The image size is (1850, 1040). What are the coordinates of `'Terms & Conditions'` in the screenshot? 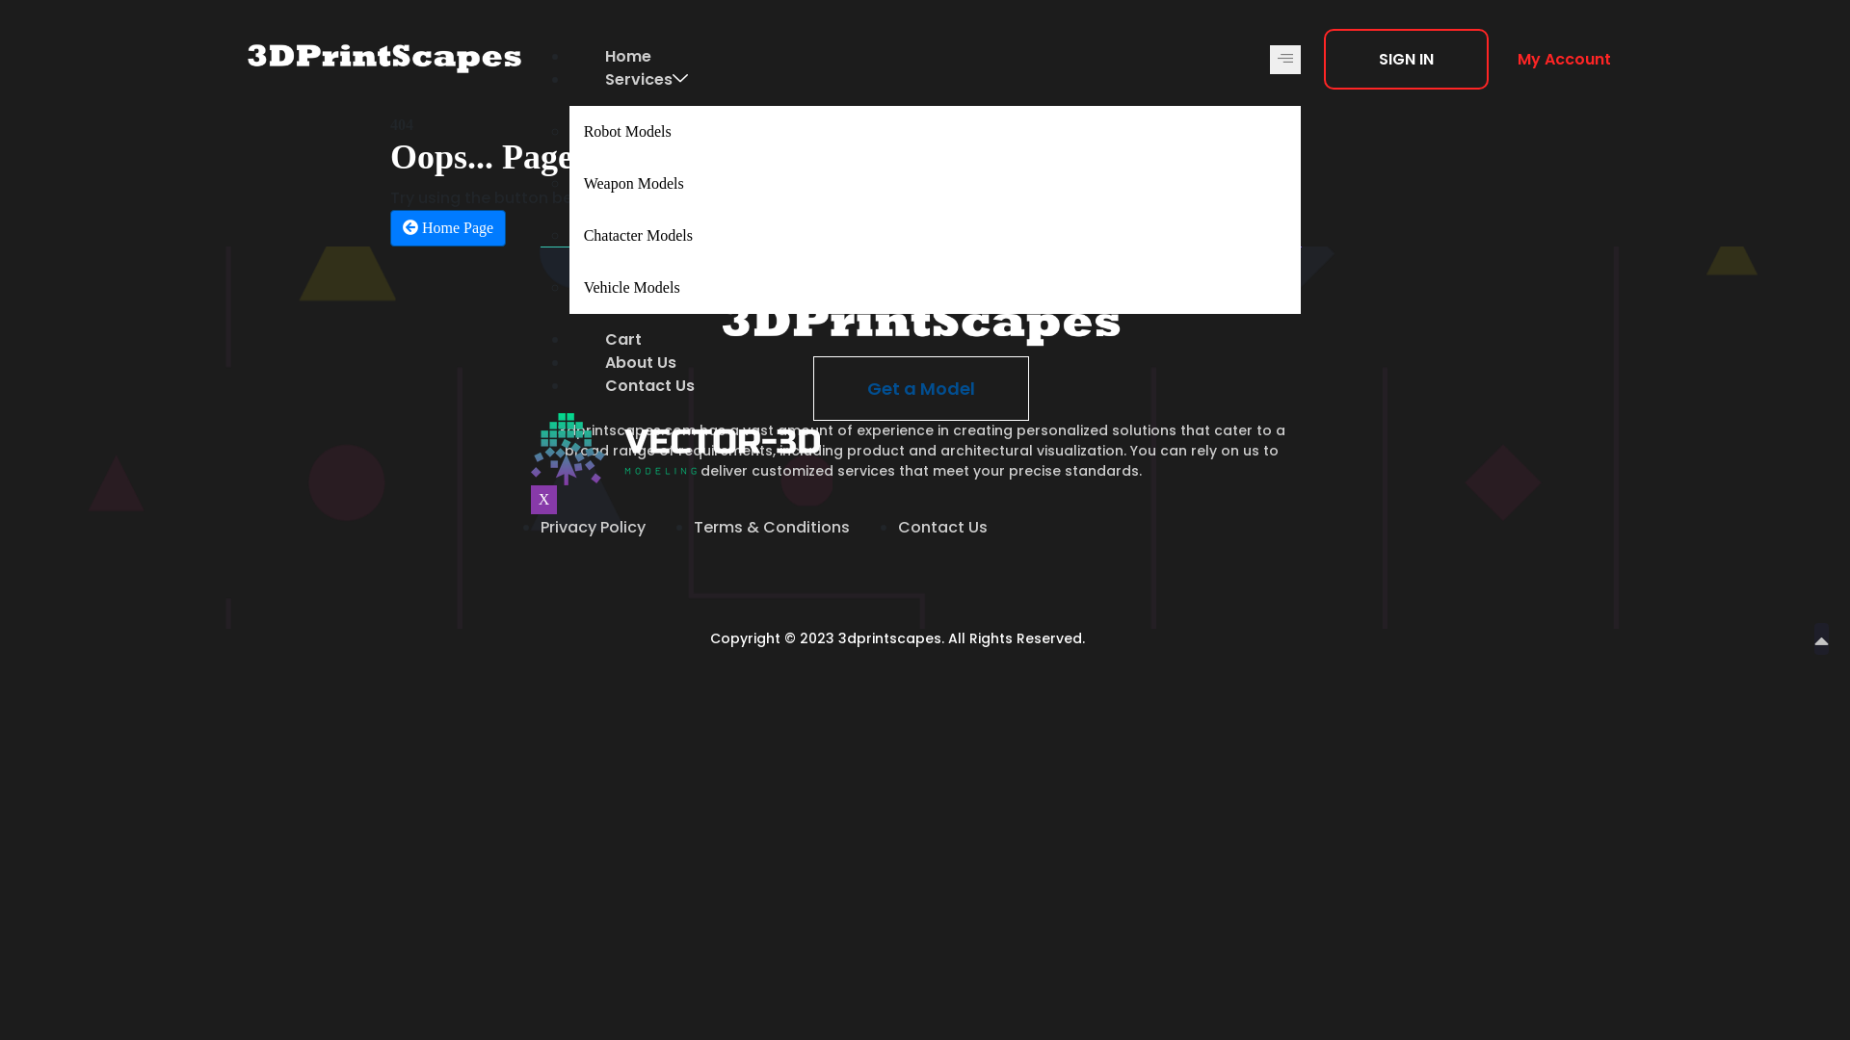 It's located at (772, 527).